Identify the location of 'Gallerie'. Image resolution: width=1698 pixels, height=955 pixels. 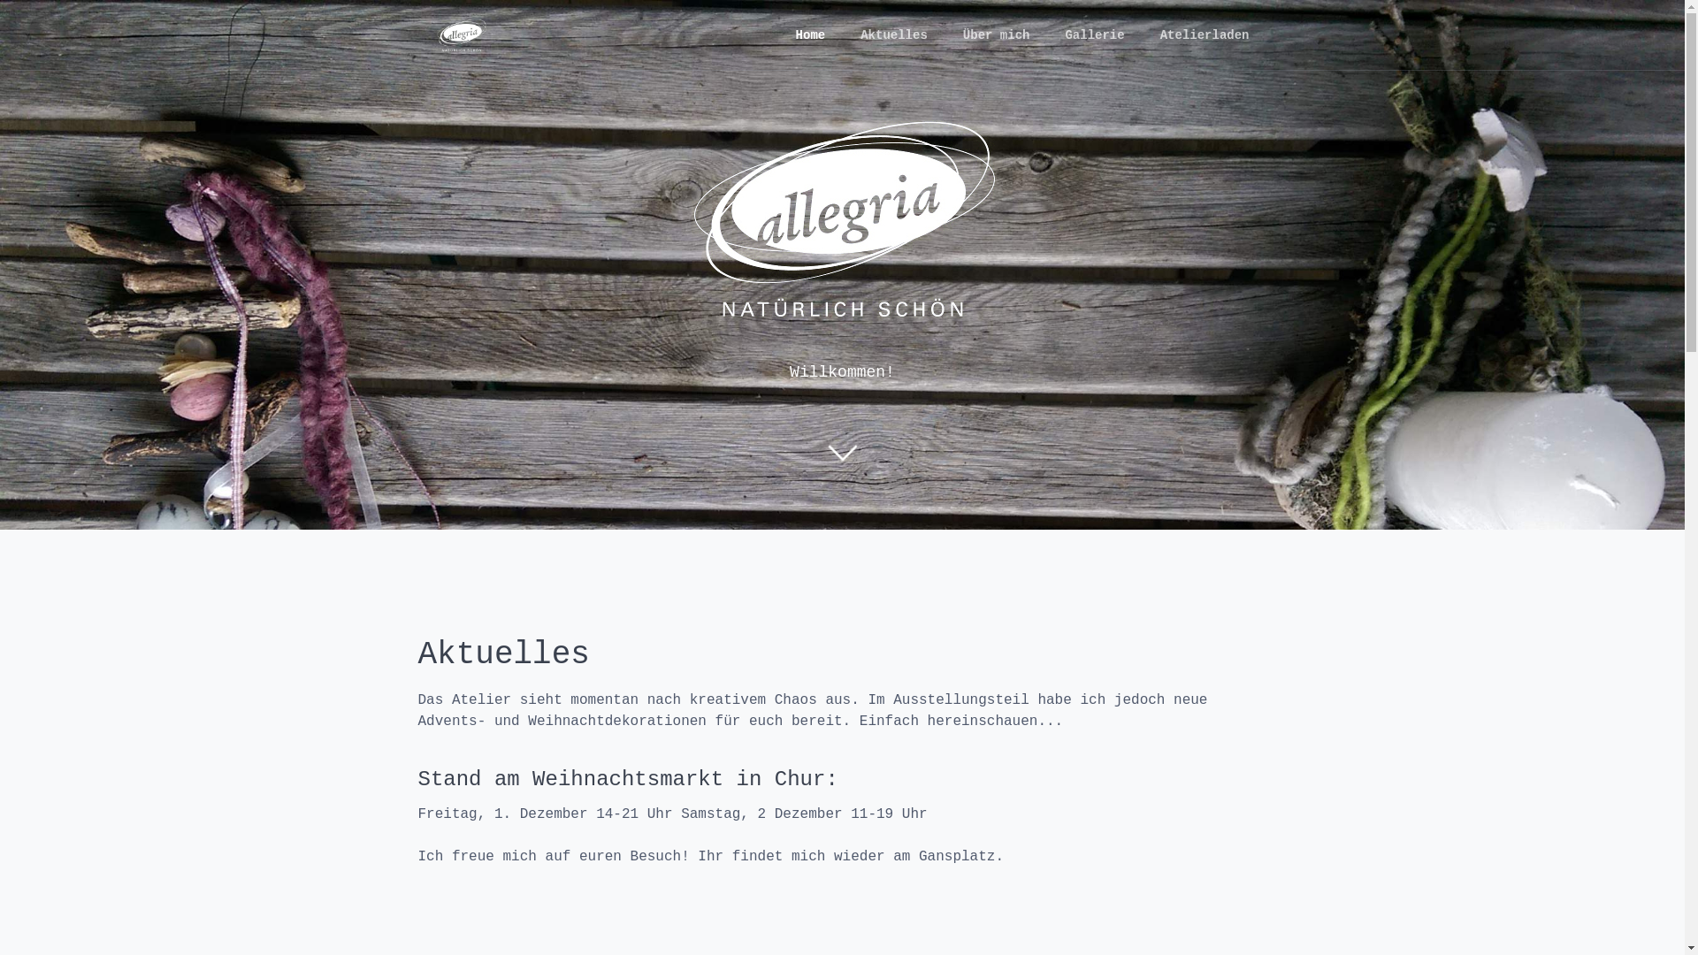
(1093, 34).